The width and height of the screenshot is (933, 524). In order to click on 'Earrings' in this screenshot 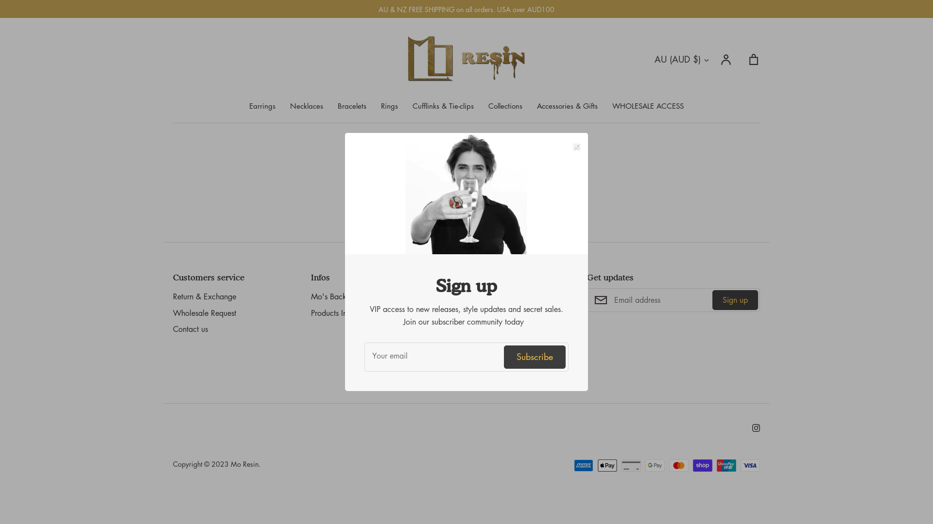, I will do `click(262, 106)`.